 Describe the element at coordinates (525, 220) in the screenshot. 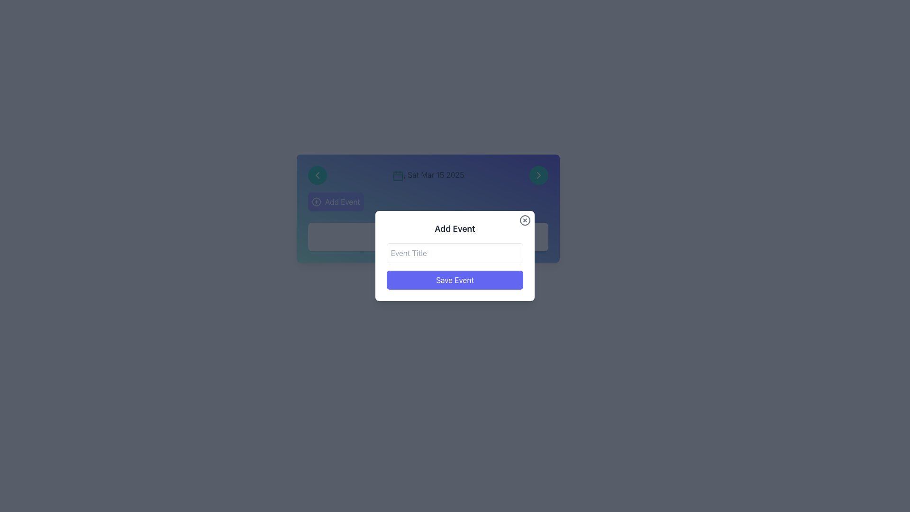

I see `the close button located at the top-right corner of the 'Add Event' modal dialog, positioned above the 'Add Event' title` at that location.